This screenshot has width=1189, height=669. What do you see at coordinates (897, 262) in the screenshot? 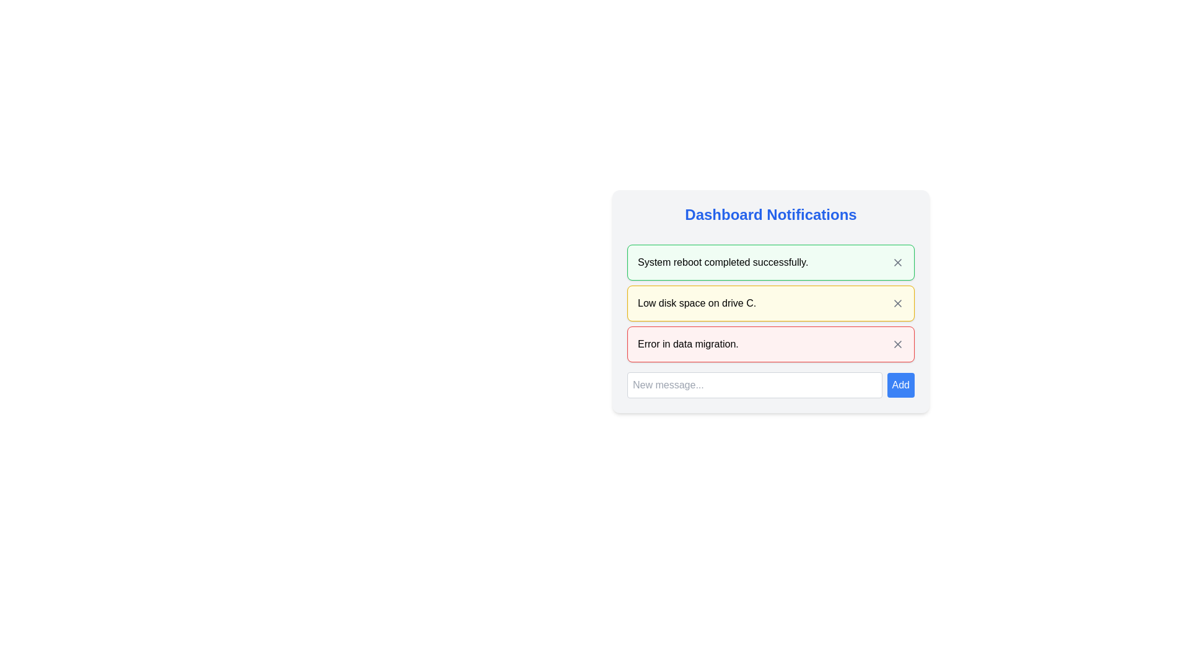
I see `the diagonal cross icon button in the top-right corner of the 'System reboot completed successfully.' notification card` at bounding box center [897, 262].